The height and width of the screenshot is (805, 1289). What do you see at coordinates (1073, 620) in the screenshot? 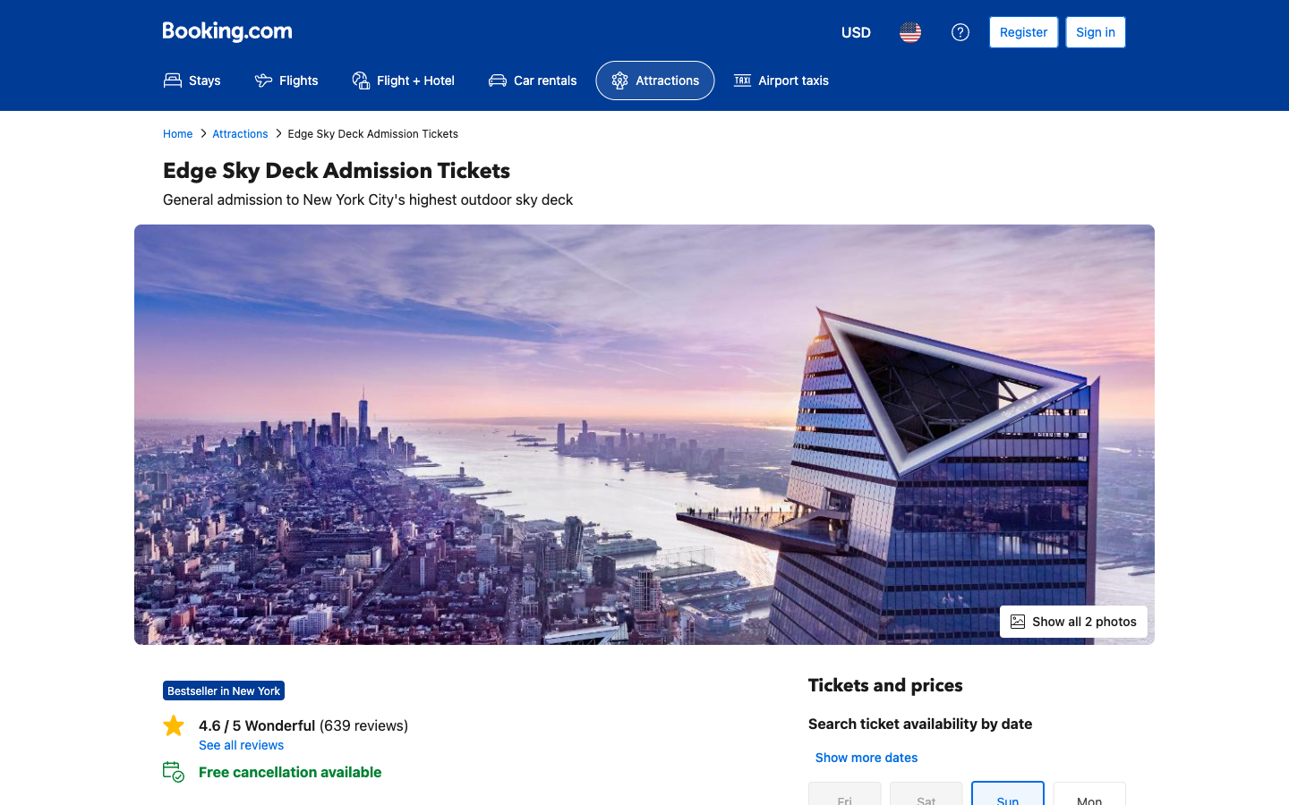
I see `the Entire Photo Gallery` at bounding box center [1073, 620].